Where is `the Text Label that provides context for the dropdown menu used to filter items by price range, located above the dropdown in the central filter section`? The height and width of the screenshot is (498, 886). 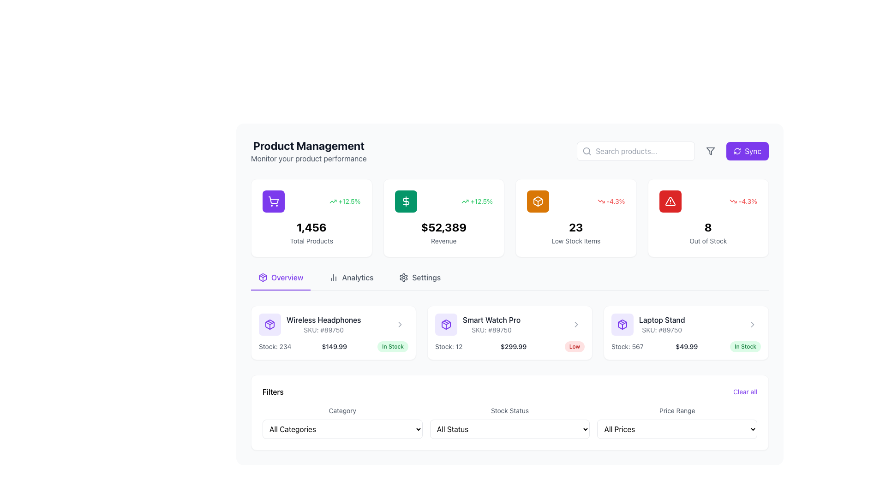 the Text Label that provides context for the dropdown menu used to filter items by price range, located above the dropdown in the central filter section is located at coordinates (677, 410).